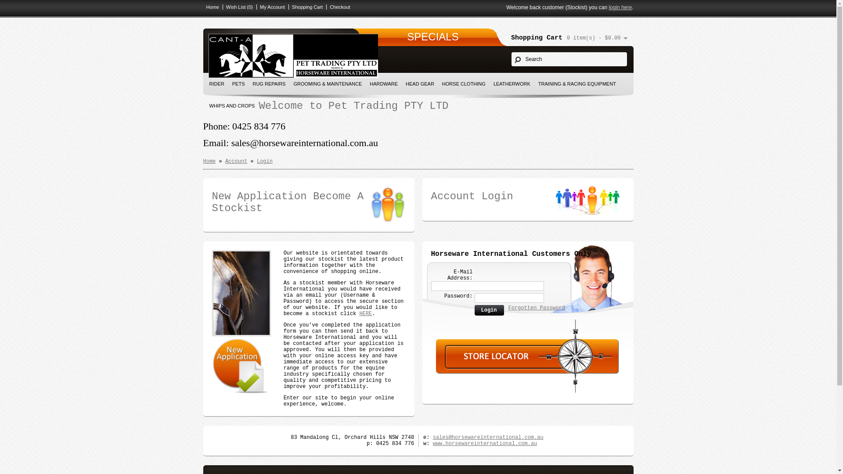 This screenshot has width=843, height=474. I want to click on 'www.horsewareinternational.com.au', so click(484, 443).